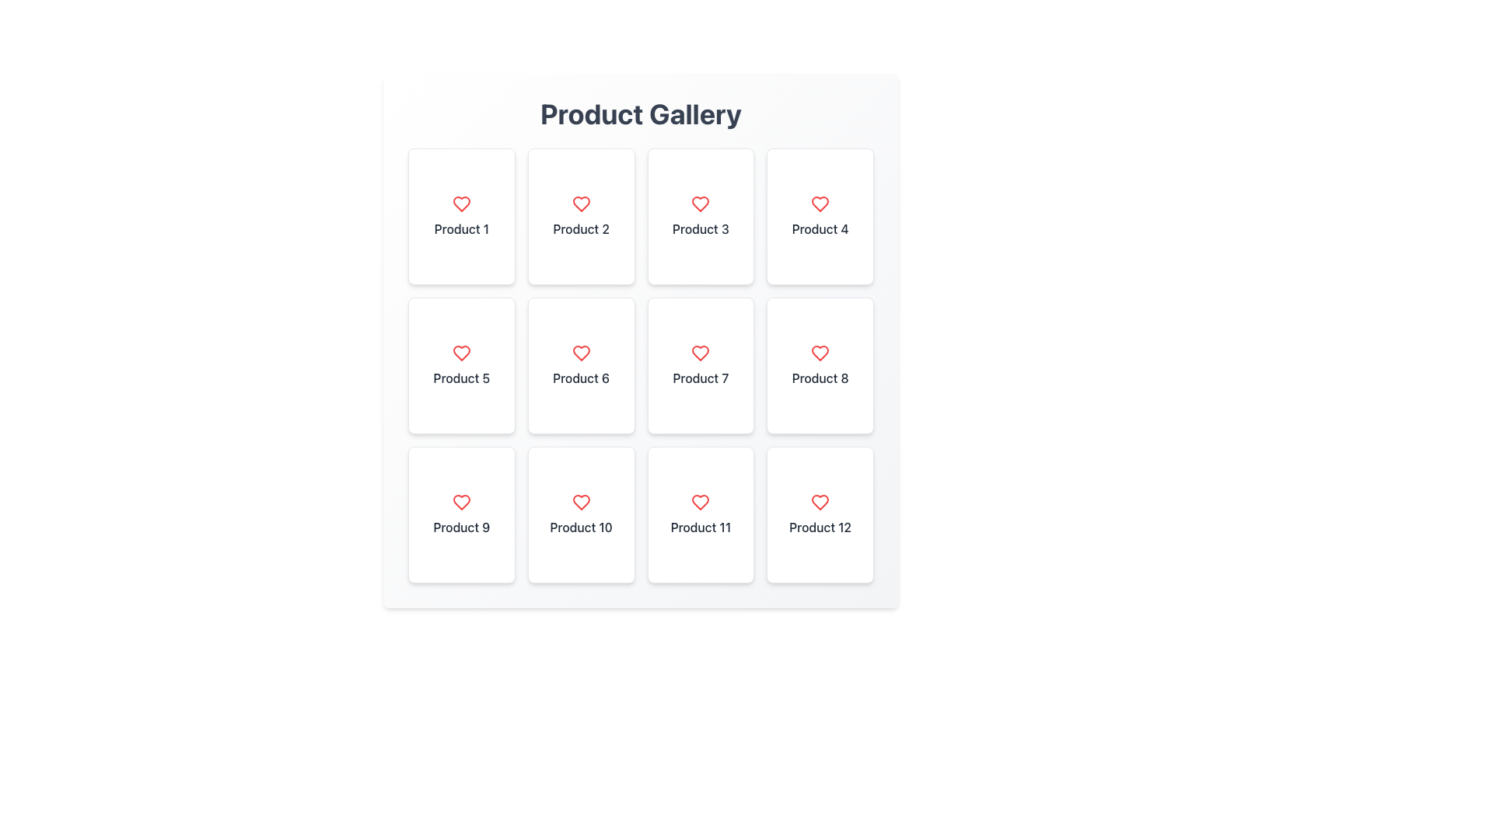 Image resolution: width=1493 pixels, height=839 pixels. I want to click on the heart-shaped icon styled with a red color located above the 'Product 7' text label in the card situated in the second row, third column of the grid layout, so click(700, 353).